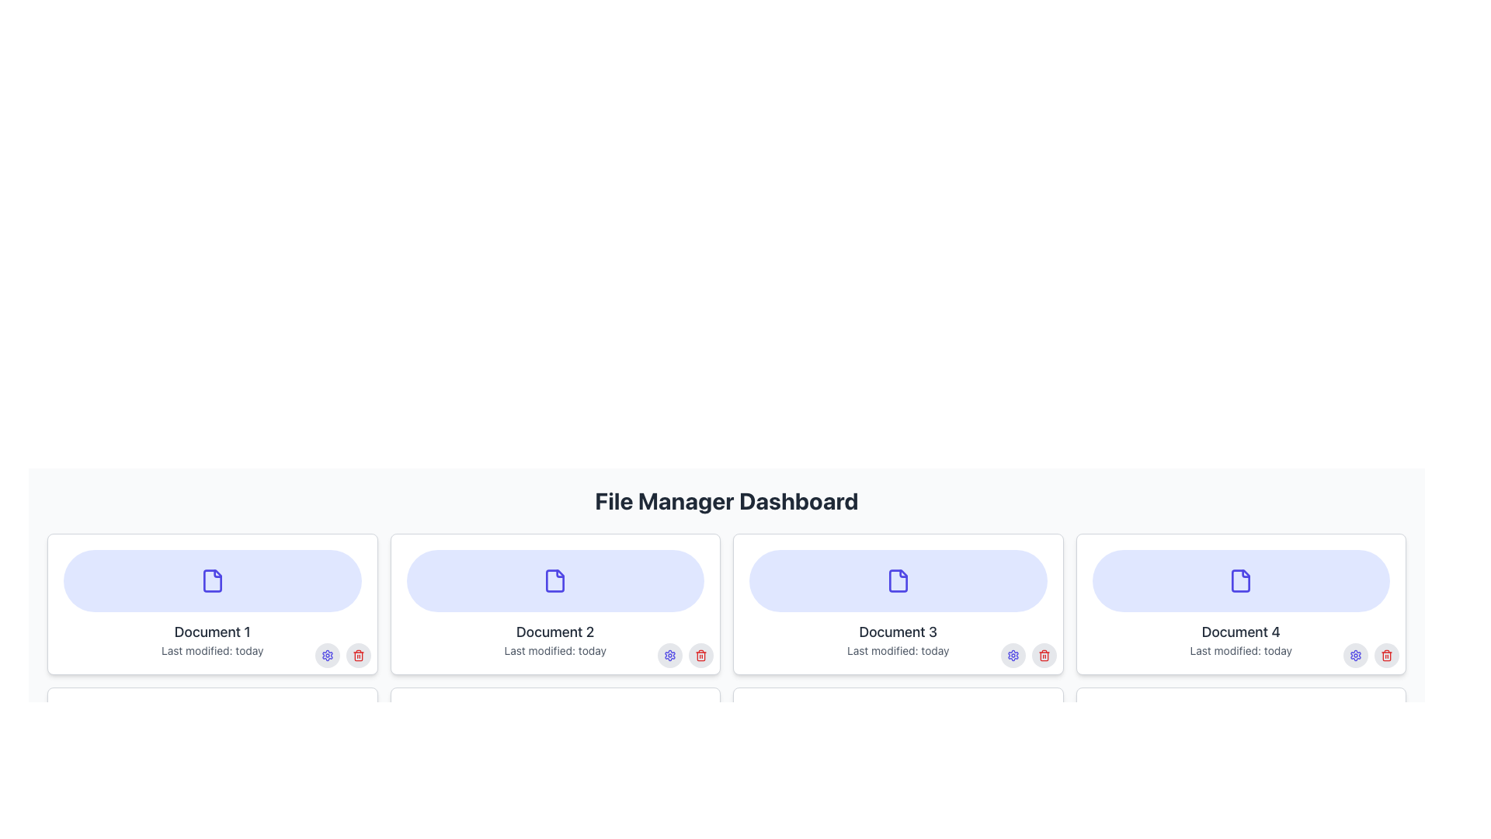 The image size is (1491, 839). What do you see at coordinates (1386, 656) in the screenshot?
I see `the 'delete' button for 'Document 4'` at bounding box center [1386, 656].